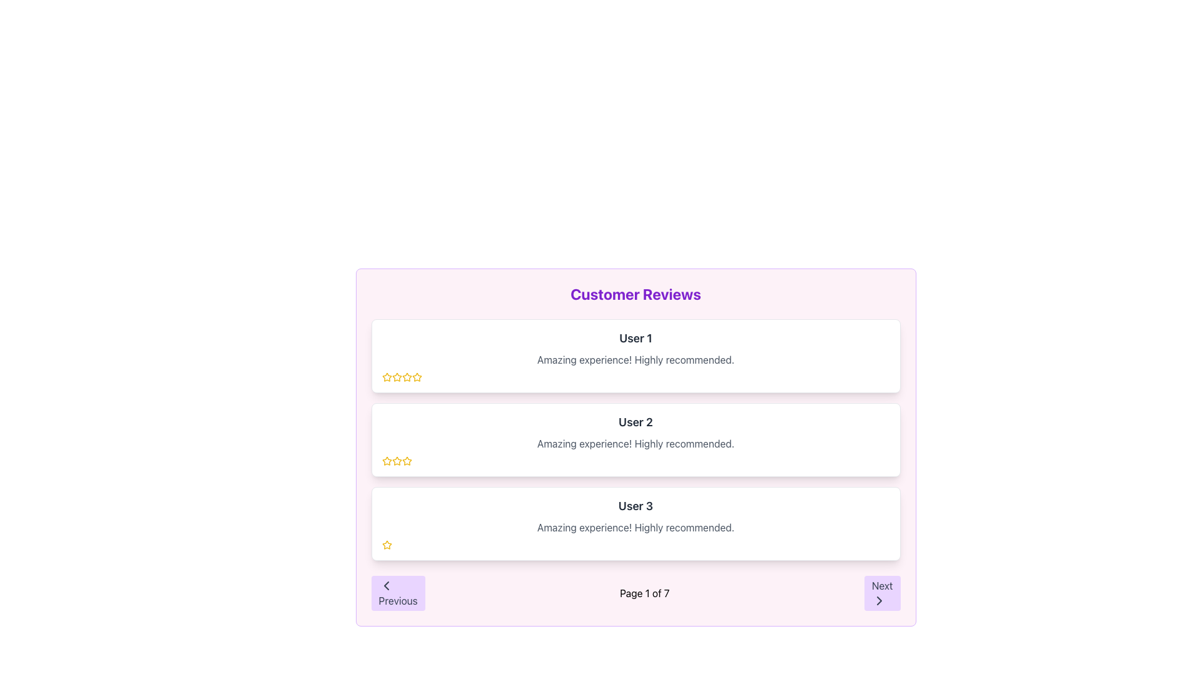 Image resolution: width=1201 pixels, height=676 pixels. What do you see at coordinates (386, 376) in the screenshot?
I see `the first rating star icon in User 1's review card, which visually represents one step in a 1-to-5 rating scale` at bounding box center [386, 376].